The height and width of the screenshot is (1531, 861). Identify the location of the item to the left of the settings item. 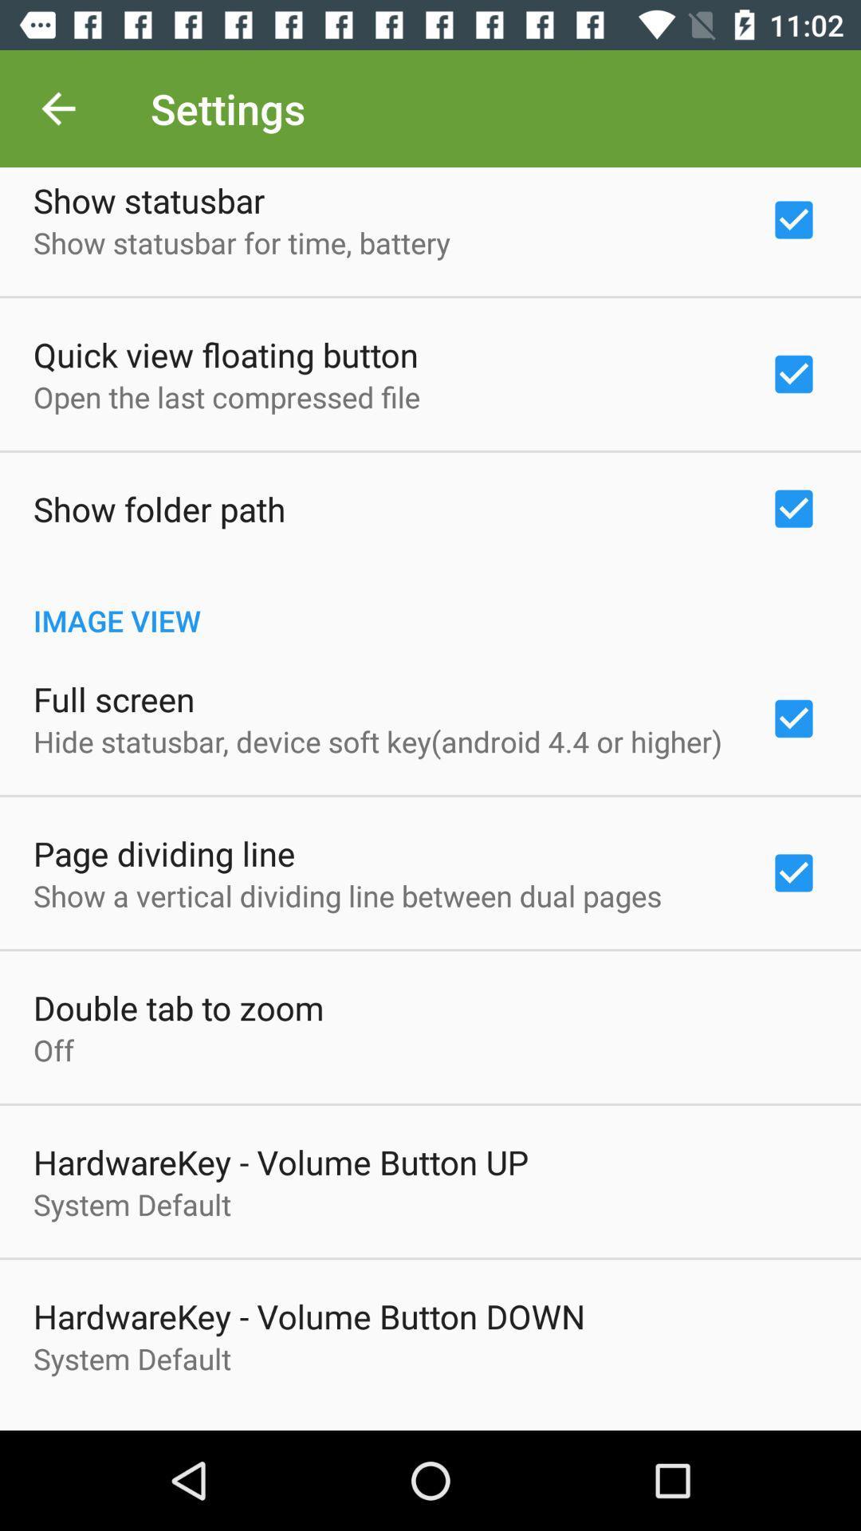
(57, 108).